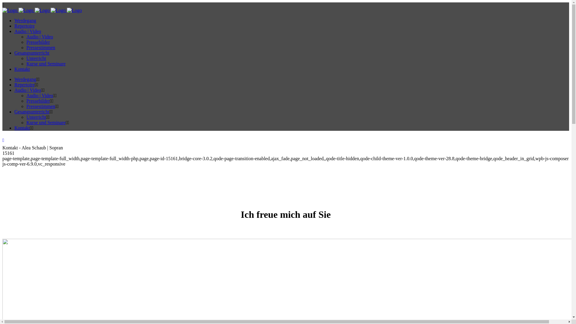 The width and height of the screenshot is (576, 324). I want to click on 'Audio | Video', so click(39, 37).